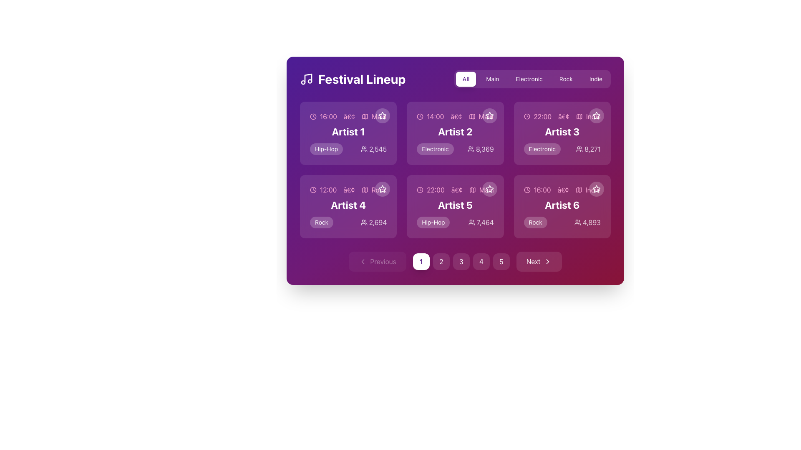  What do you see at coordinates (455, 117) in the screenshot?
I see `the informational header text for the 'Artist 2' card, which indicates the performance time and location ('main') in the 'Festival Lineup' section` at bounding box center [455, 117].